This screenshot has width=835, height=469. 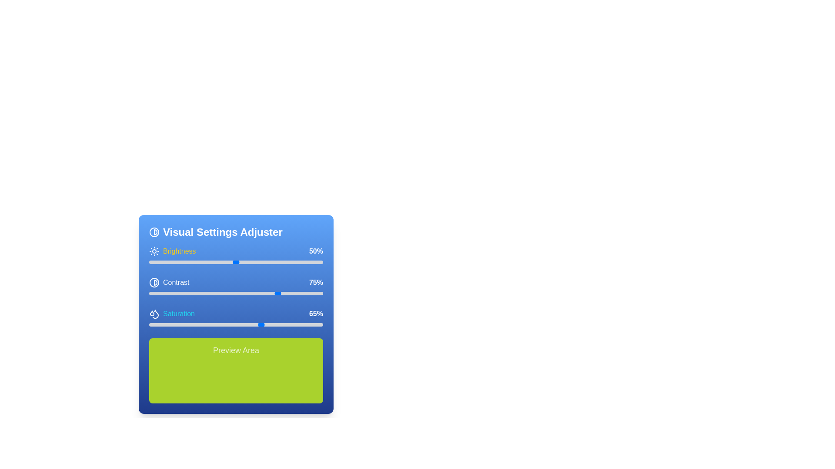 I want to click on the text label that indicates the purpose of the area below it, which is centrally located within a bright green box in the 'Visual Settings Adjuster' panel, so click(x=236, y=350).